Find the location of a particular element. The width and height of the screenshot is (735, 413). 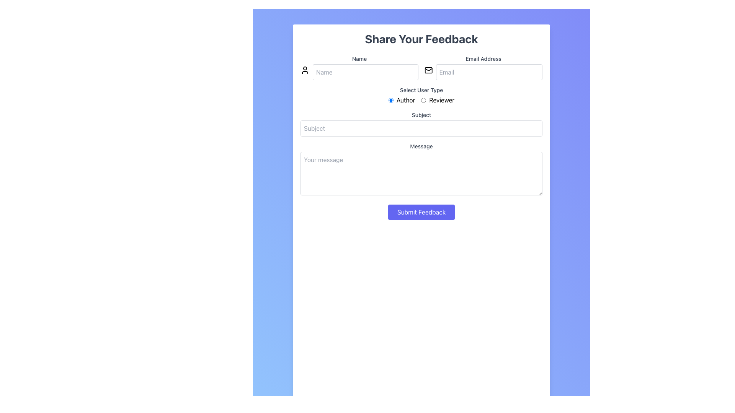

the labels of the Radio button group that allows users to specify their role as 'Author' or 'Reviewer' in the 'Share Your Feedback' form is located at coordinates (421, 95).